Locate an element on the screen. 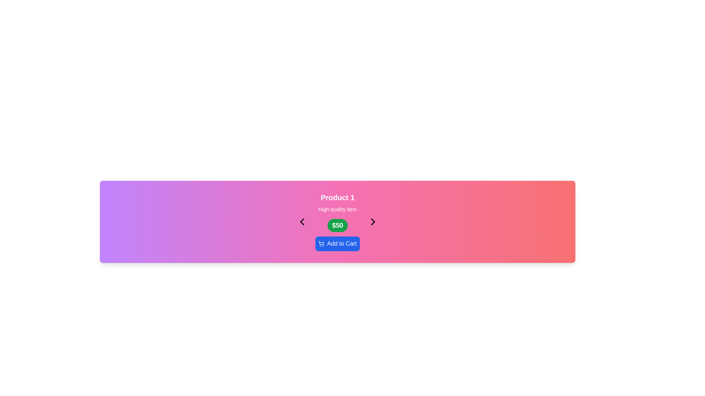 The image size is (705, 396). the rightward navigation icon button, which features a right-facing chevron design is located at coordinates (373, 221).